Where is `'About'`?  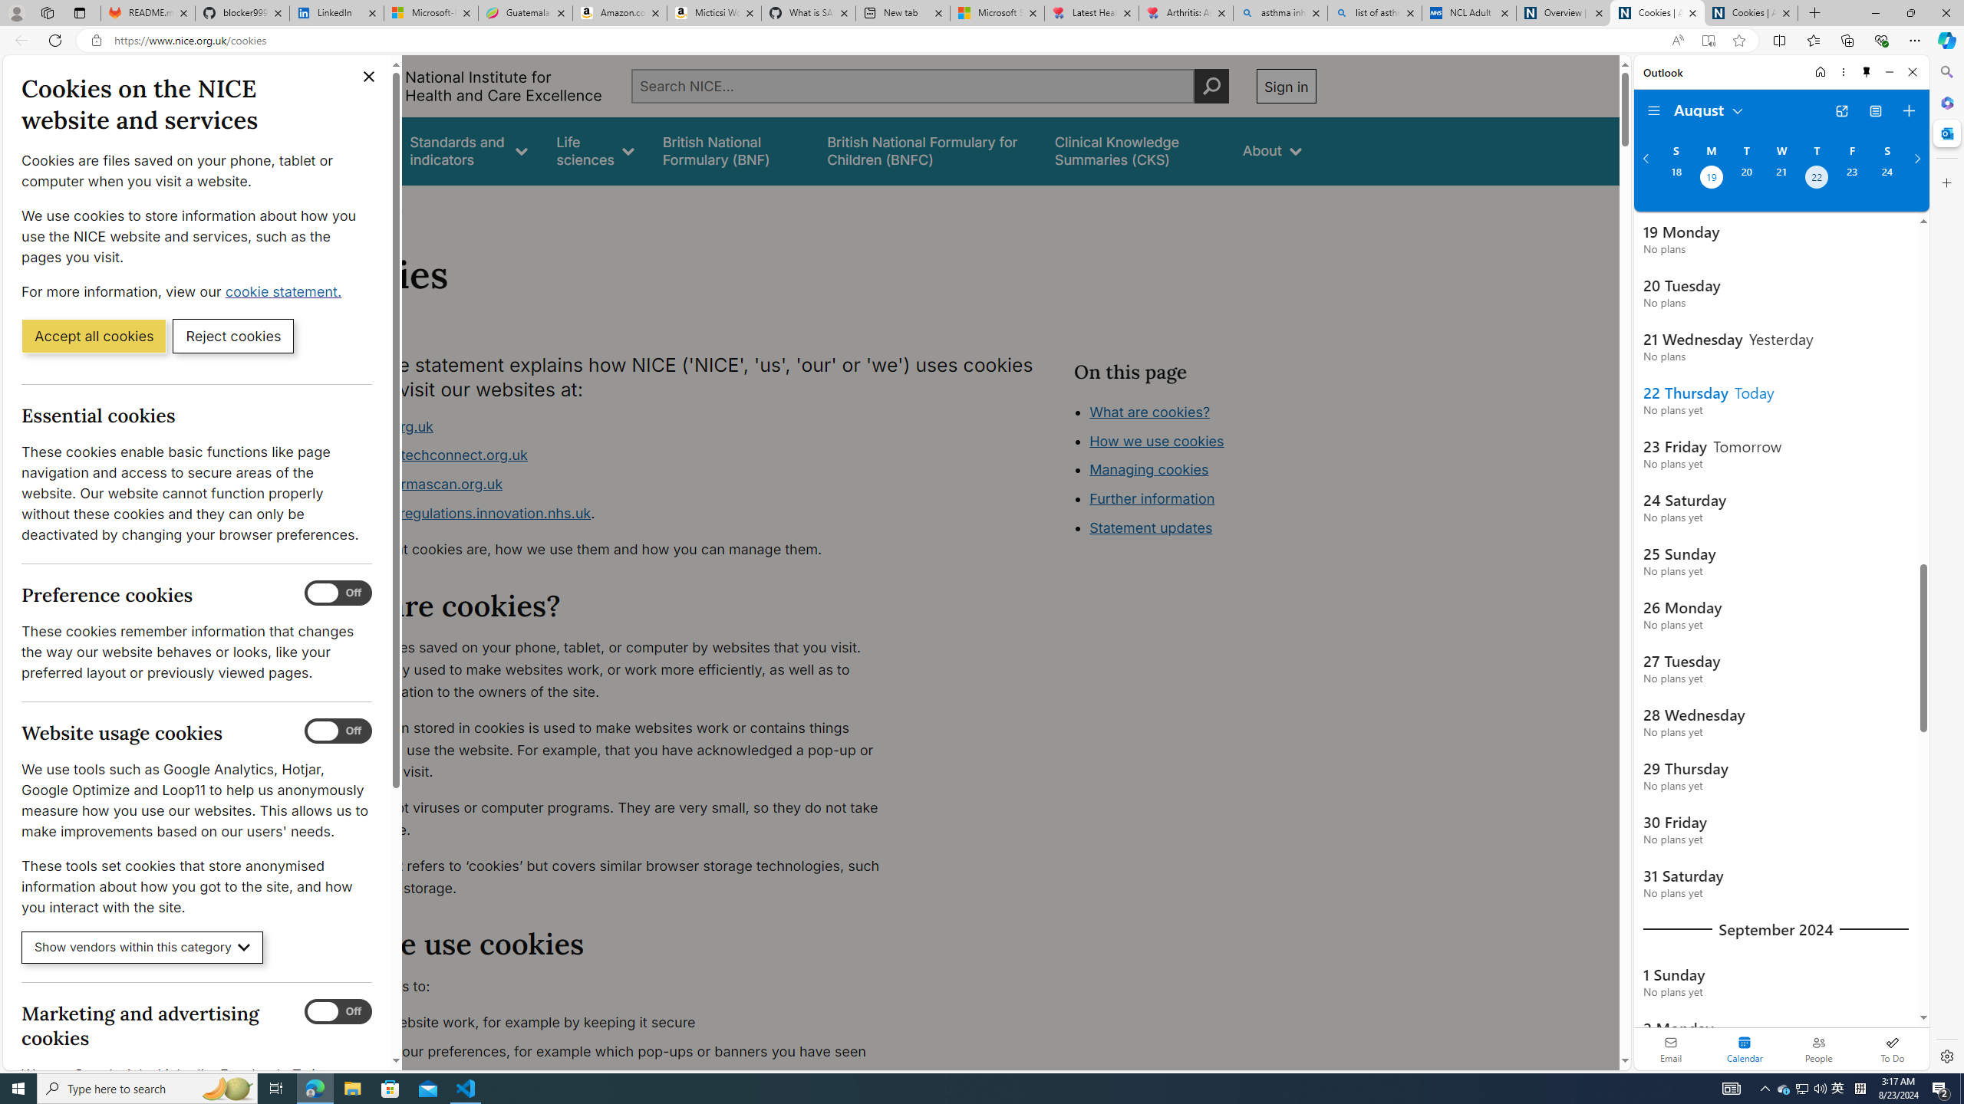 'About' is located at coordinates (1270, 150).